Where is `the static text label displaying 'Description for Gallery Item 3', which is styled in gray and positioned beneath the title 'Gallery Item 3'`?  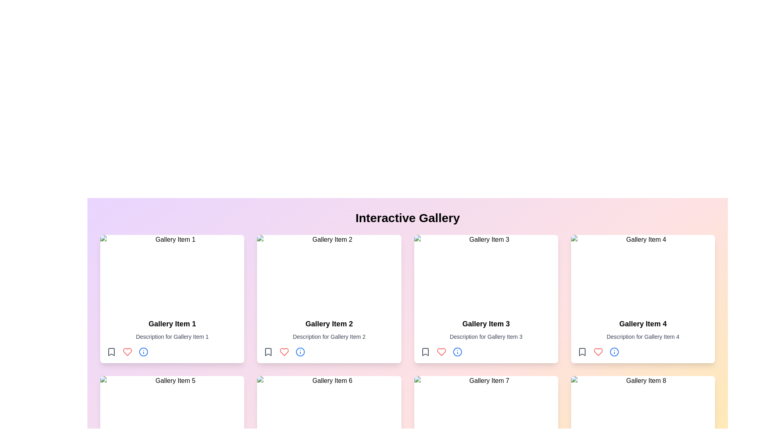
the static text label displaying 'Description for Gallery Item 3', which is styled in gray and positioned beneath the title 'Gallery Item 3' is located at coordinates (486, 337).